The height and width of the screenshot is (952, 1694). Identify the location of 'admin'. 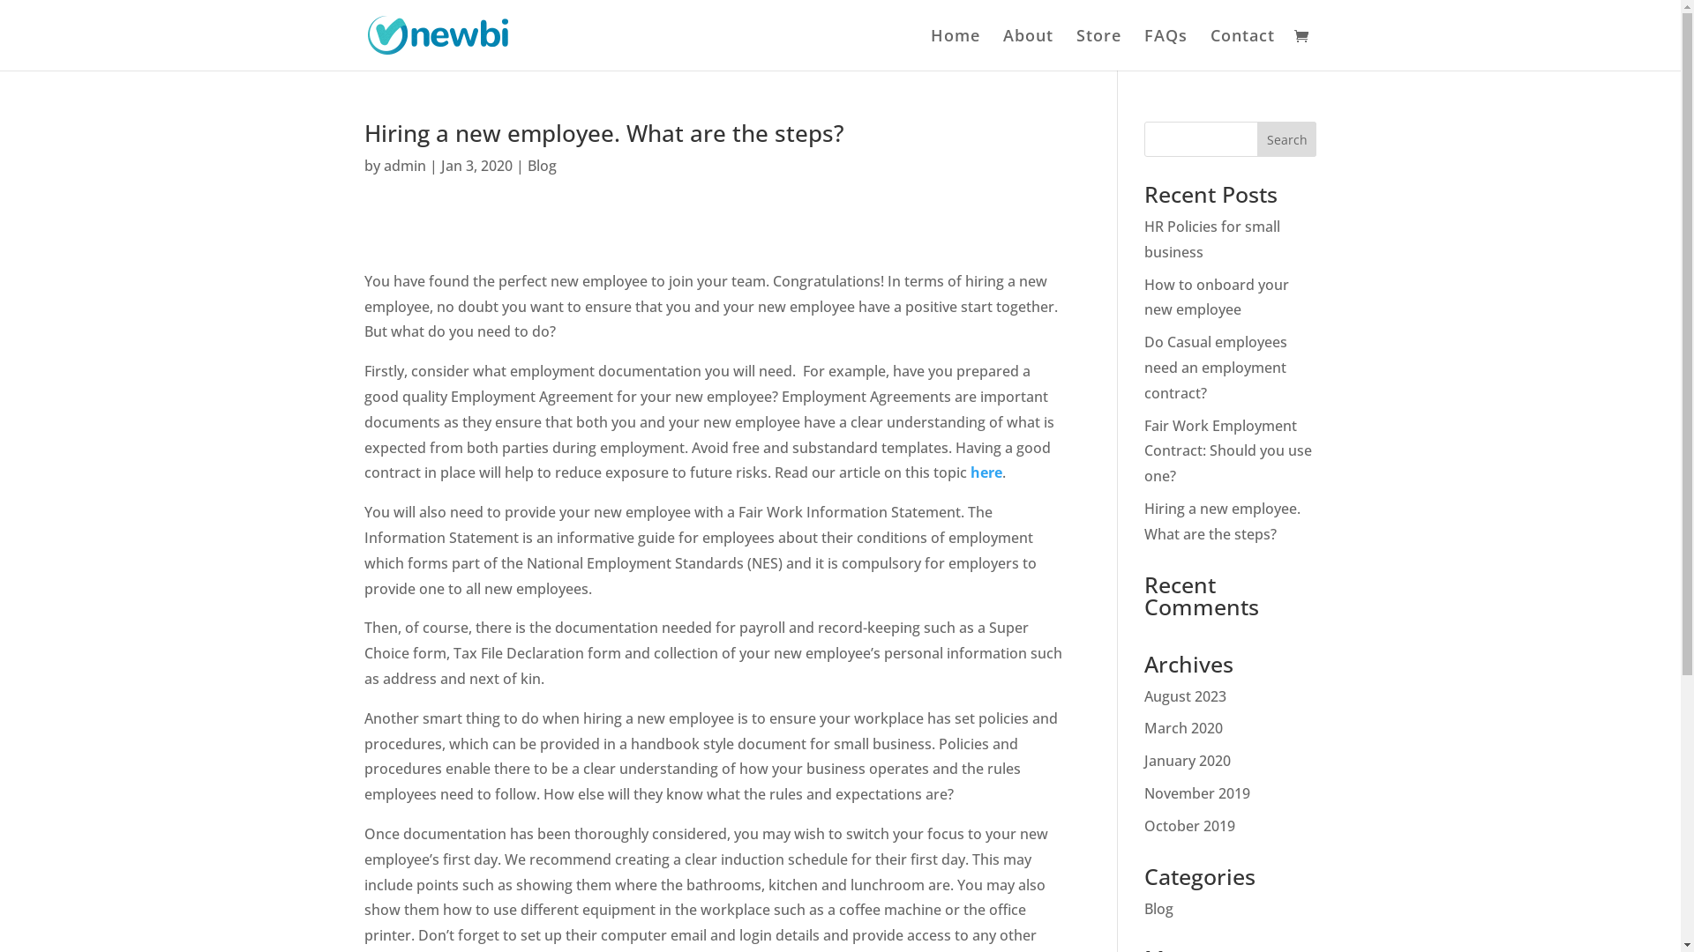
(402, 166).